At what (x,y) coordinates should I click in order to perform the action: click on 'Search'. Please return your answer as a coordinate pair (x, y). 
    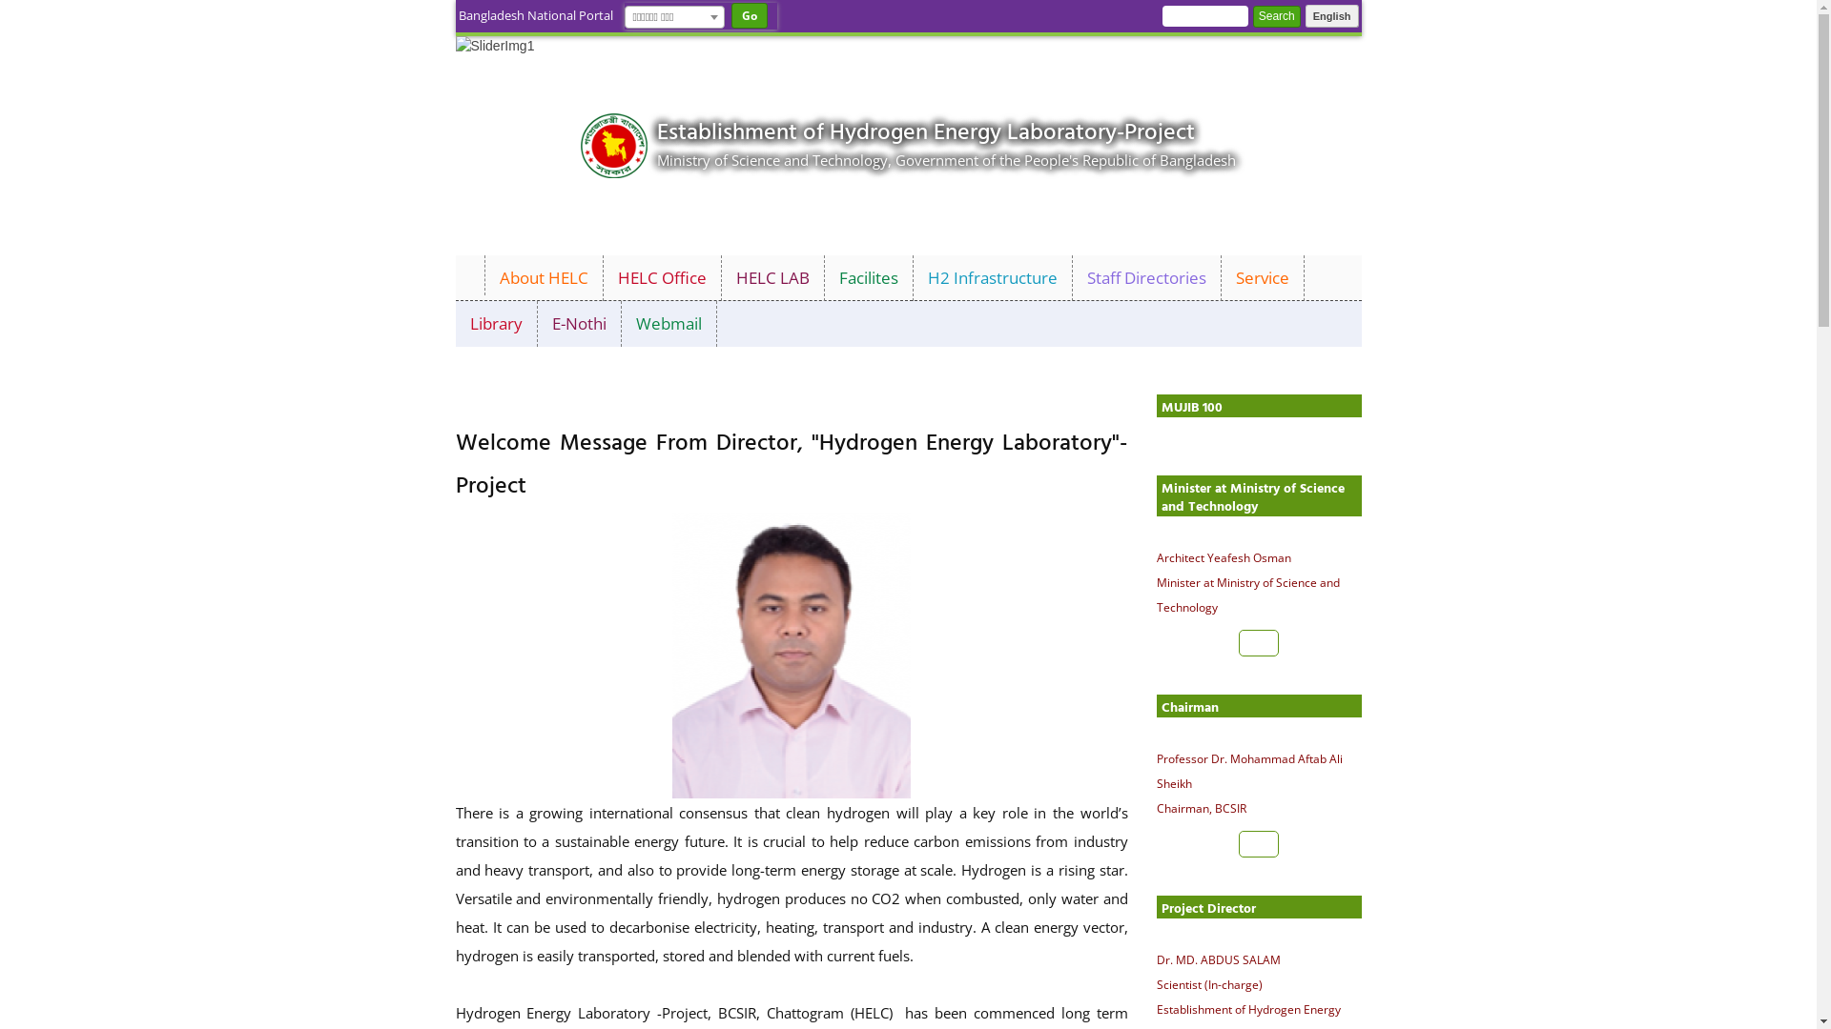
    Looking at the image, I should click on (1277, 16).